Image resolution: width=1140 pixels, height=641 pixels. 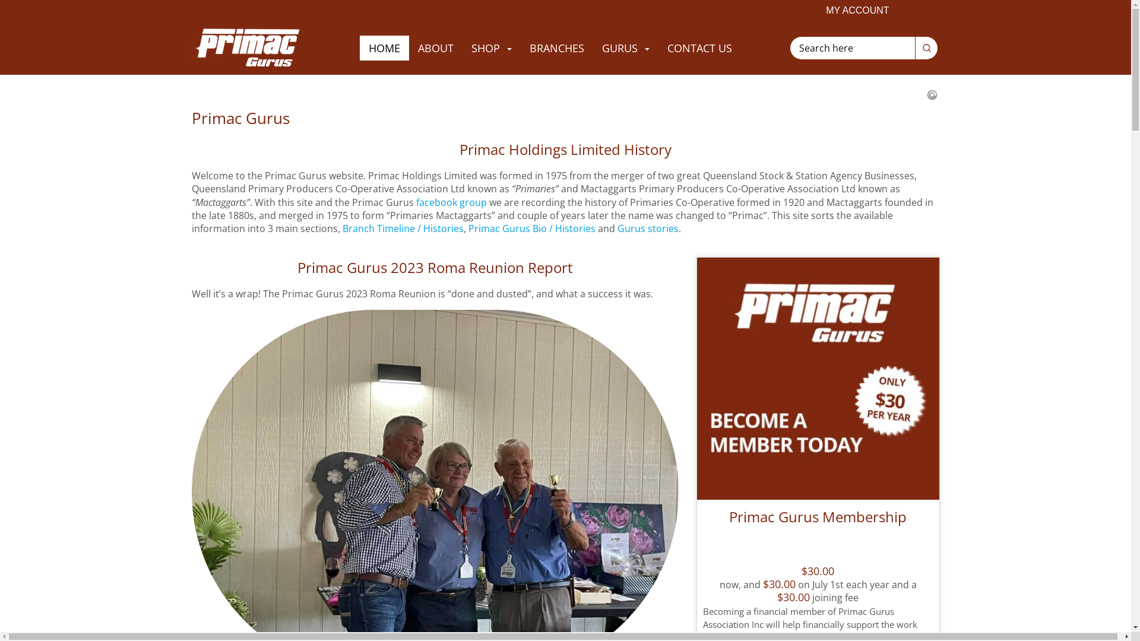 What do you see at coordinates (556, 47) in the screenshot?
I see `'BRANCHES'` at bounding box center [556, 47].